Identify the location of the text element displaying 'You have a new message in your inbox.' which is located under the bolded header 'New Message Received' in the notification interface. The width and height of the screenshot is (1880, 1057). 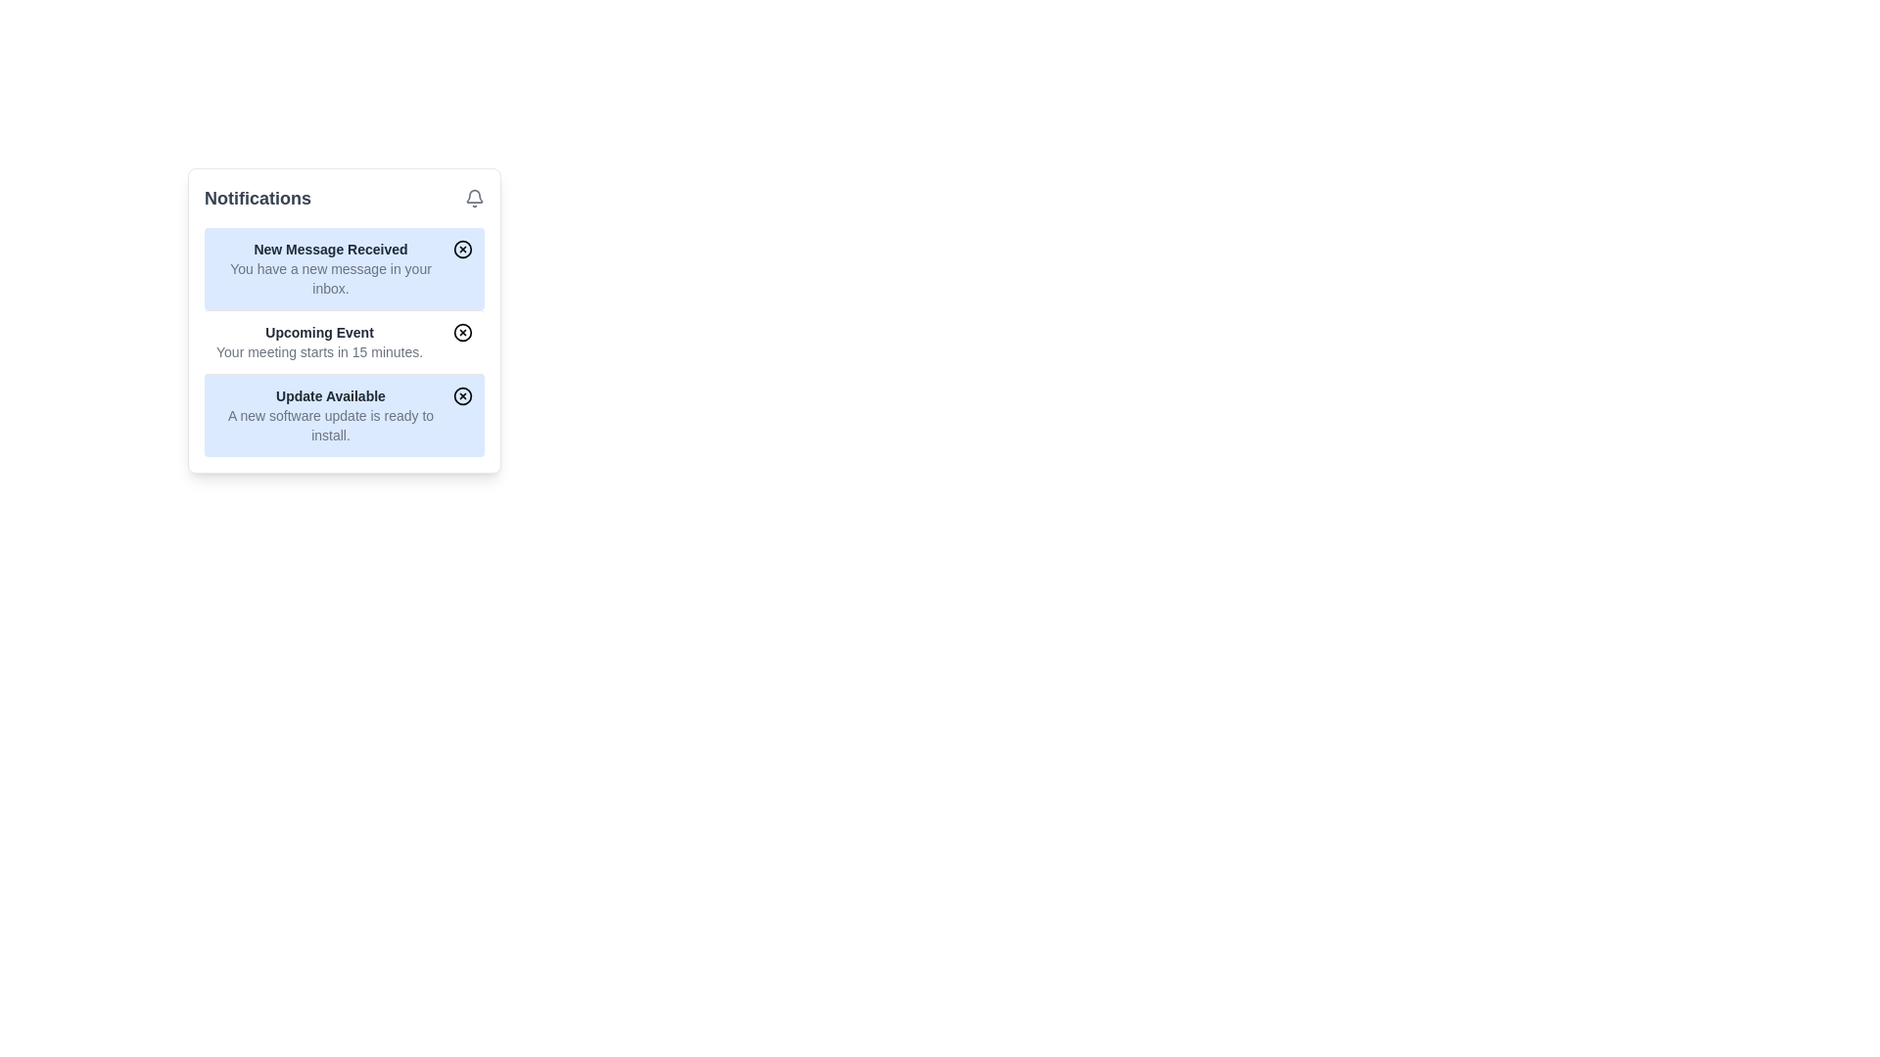
(330, 279).